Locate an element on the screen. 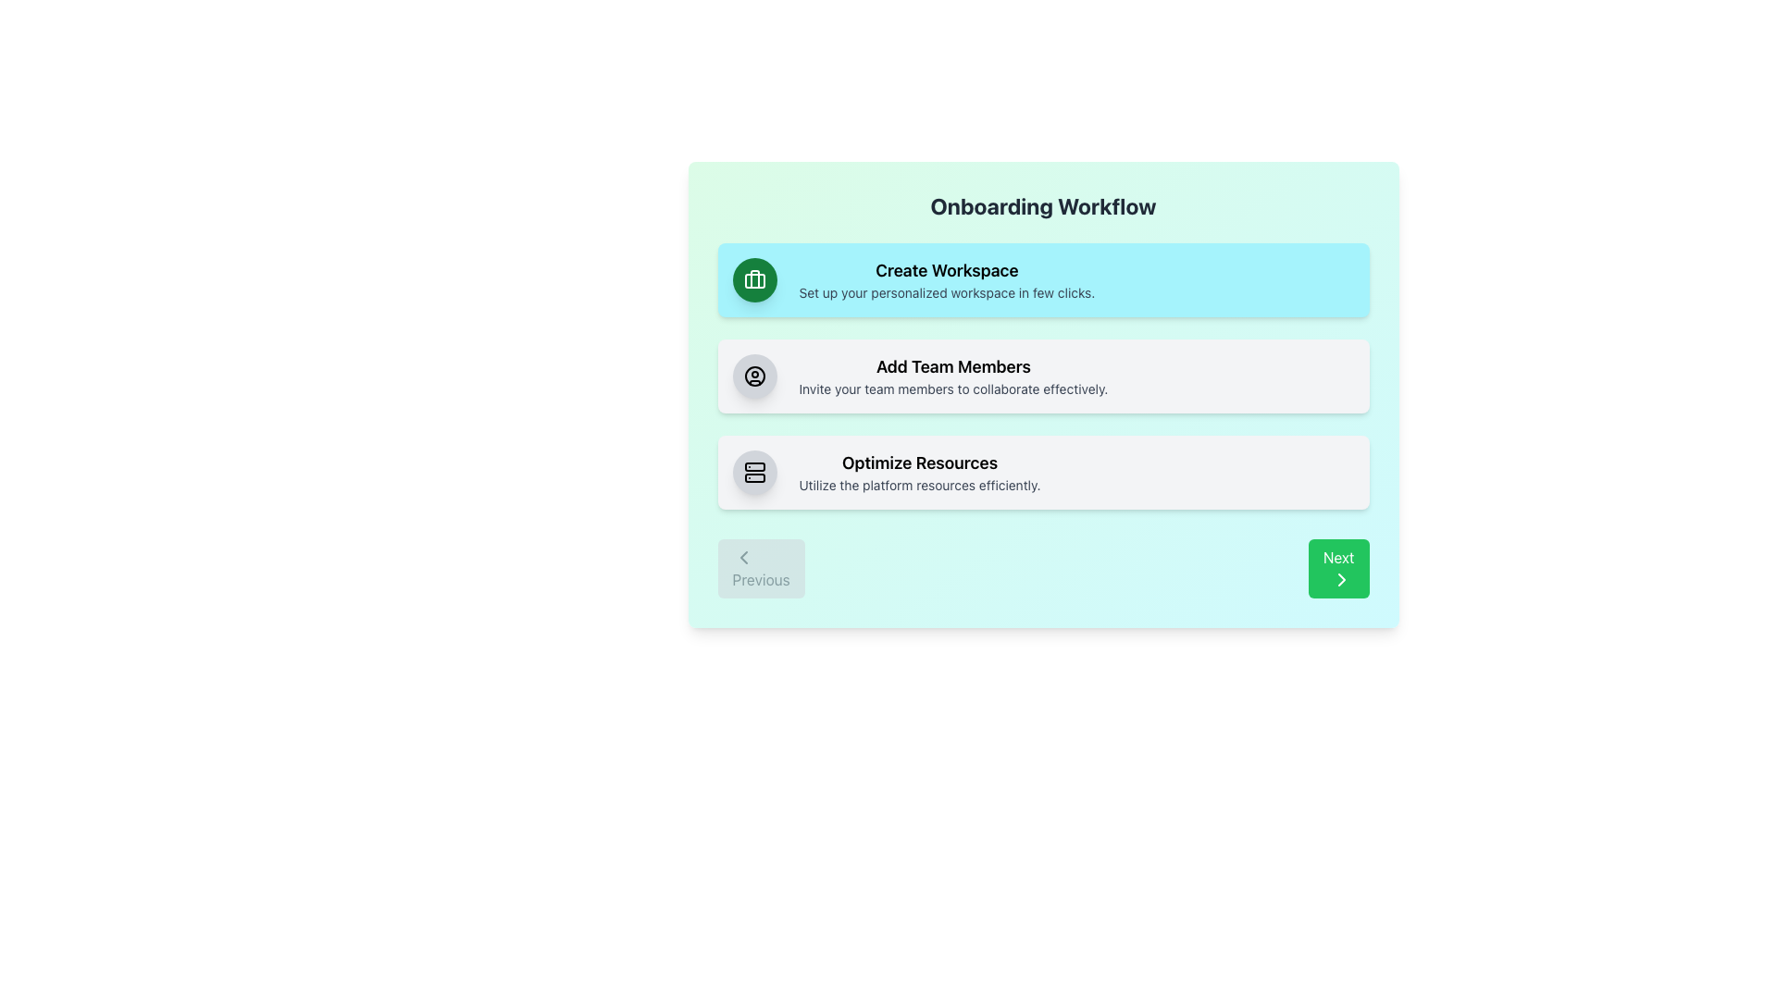 Image resolution: width=1777 pixels, height=999 pixels. instructions provided in the informational text group located centrally below the 'Create Workspace' option and above the 'Optimize Resources' option in the onboarding workflow interface is located at coordinates (953, 376).